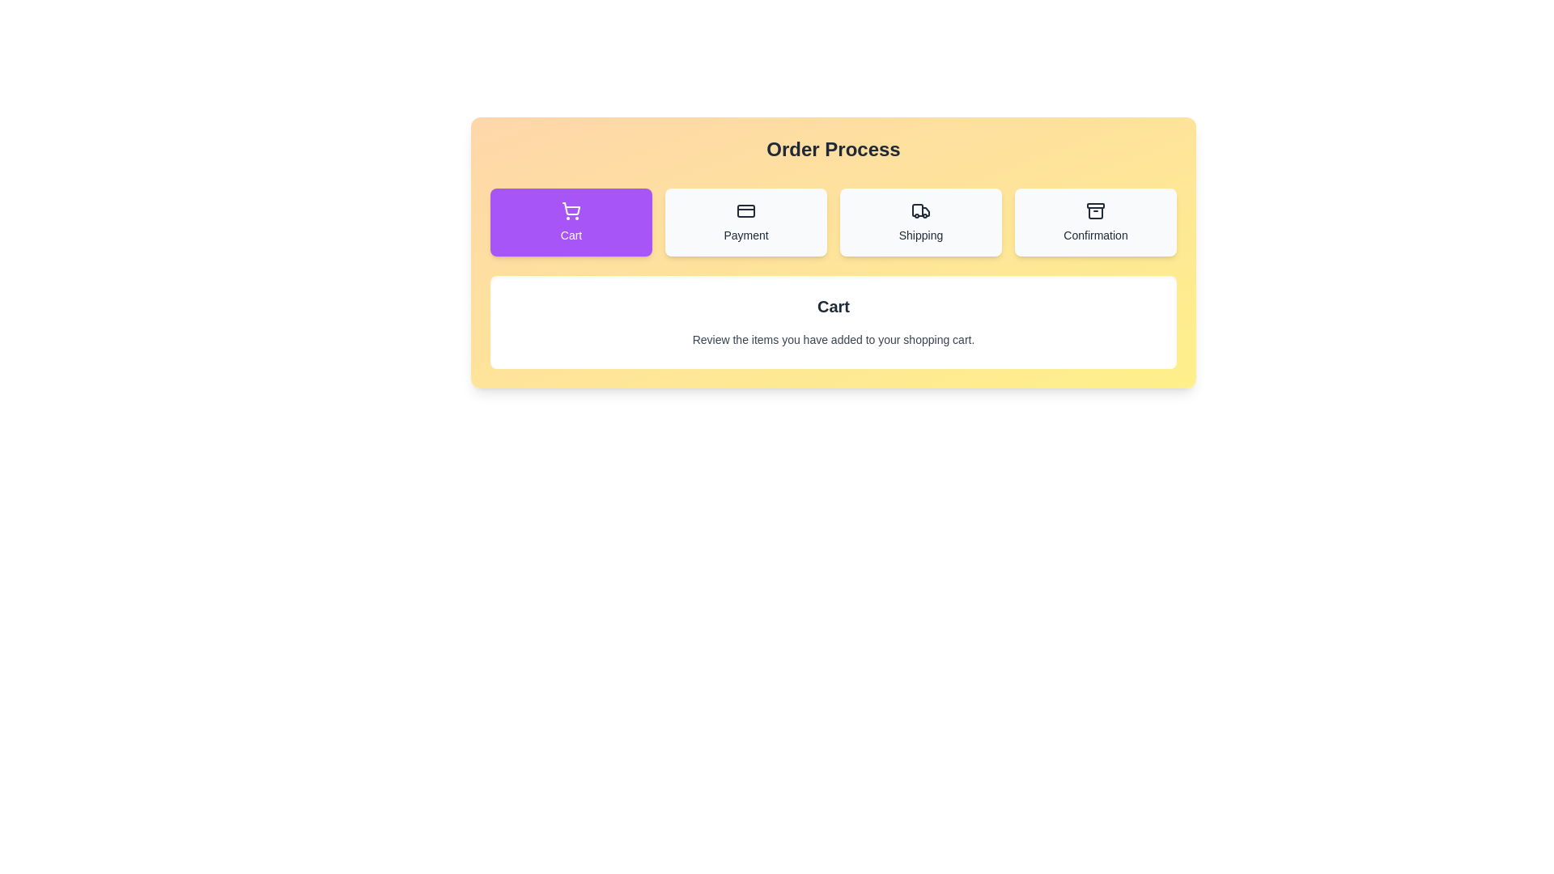  What do you see at coordinates (571, 222) in the screenshot?
I see `the 'Cart' button to view cart details` at bounding box center [571, 222].